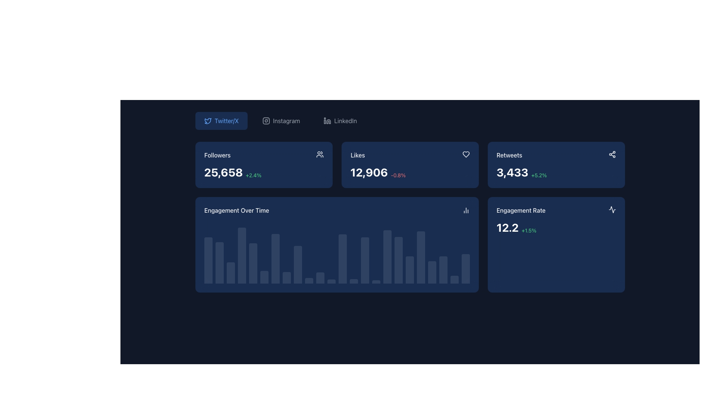  What do you see at coordinates (266, 121) in the screenshot?
I see `the primary rounded rectangle forming the frame of the Instagram icon located in the top navigation area of the page` at bounding box center [266, 121].